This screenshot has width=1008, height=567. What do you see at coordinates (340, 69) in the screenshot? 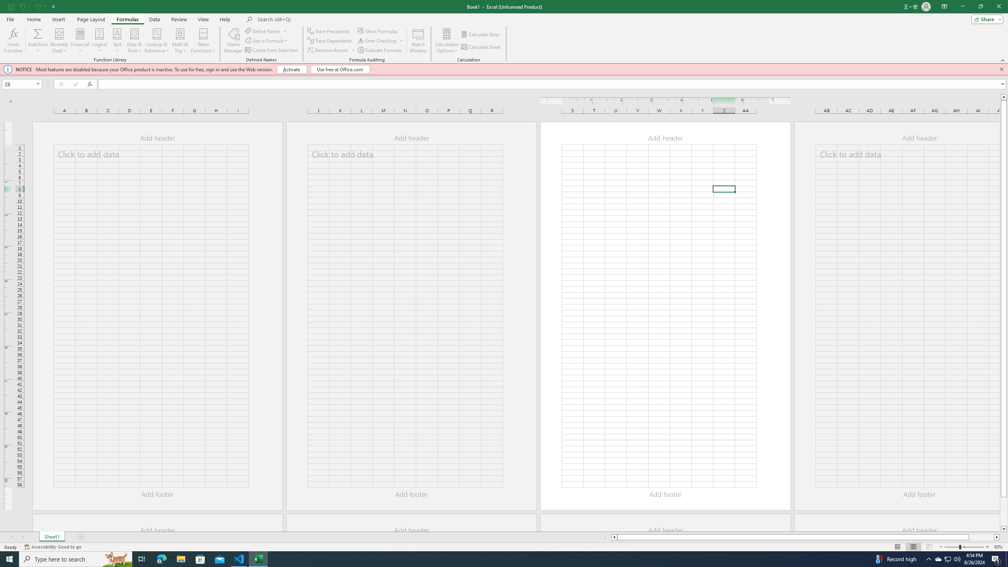
I see `'Use free at Office.com'` at bounding box center [340, 69].